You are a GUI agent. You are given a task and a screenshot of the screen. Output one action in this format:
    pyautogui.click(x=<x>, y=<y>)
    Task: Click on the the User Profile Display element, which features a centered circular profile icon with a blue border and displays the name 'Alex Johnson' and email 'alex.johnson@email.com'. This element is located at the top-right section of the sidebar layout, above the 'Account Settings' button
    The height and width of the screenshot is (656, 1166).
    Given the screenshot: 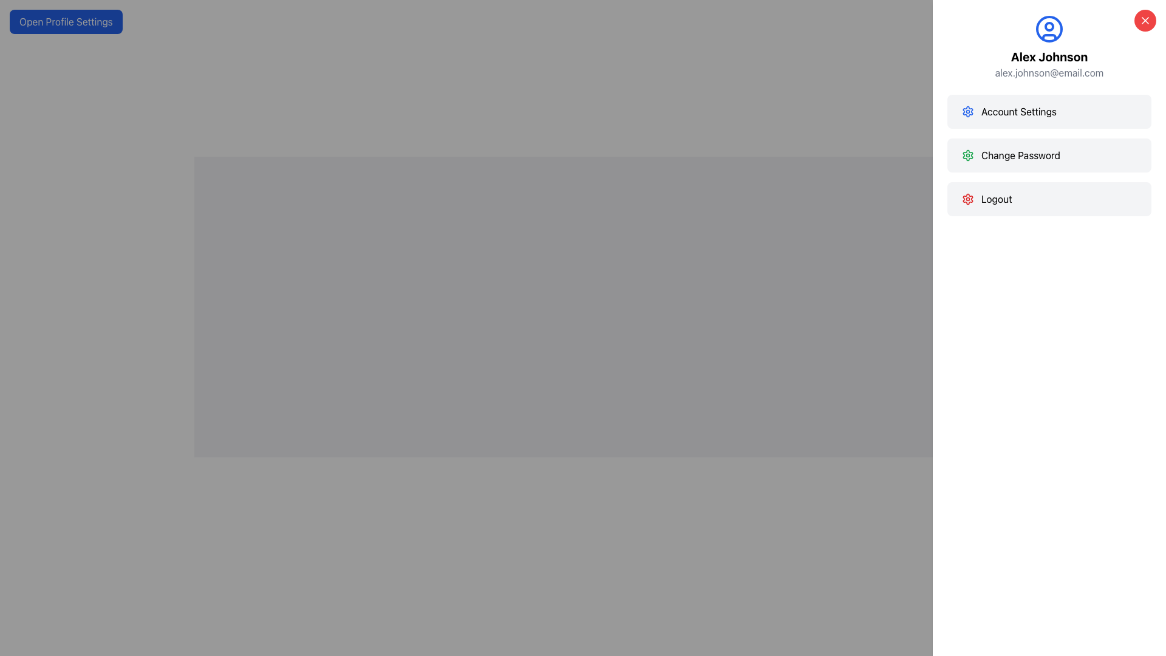 What is the action you would take?
    pyautogui.click(x=1049, y=46)
    